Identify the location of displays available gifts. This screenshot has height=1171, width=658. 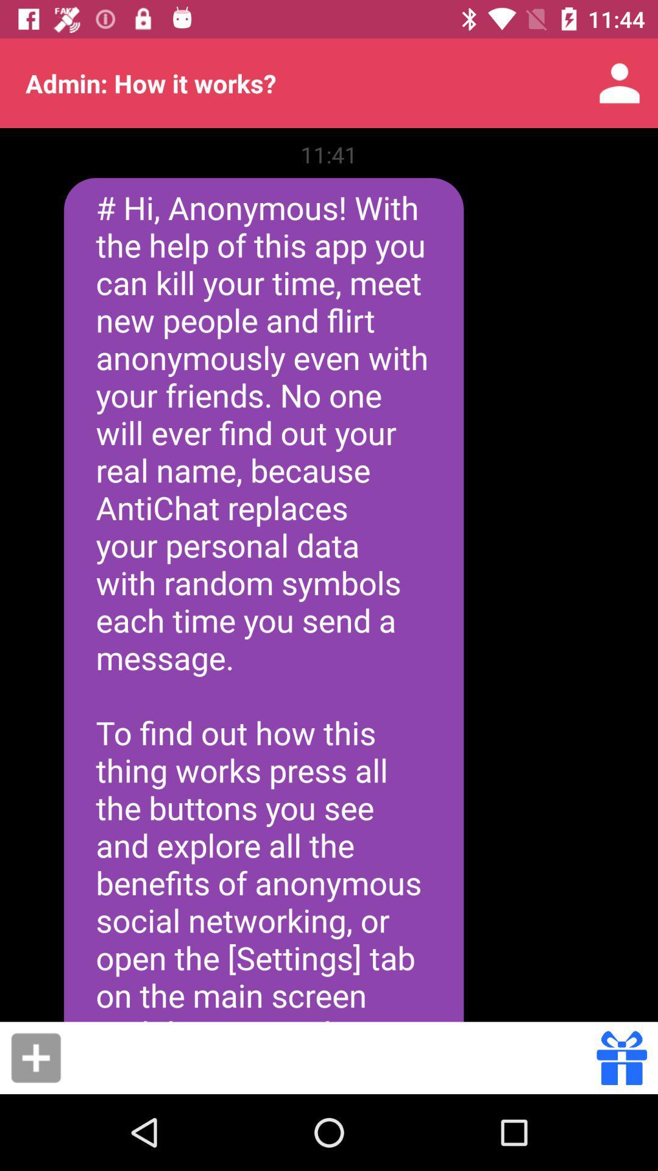
(621, 1057).